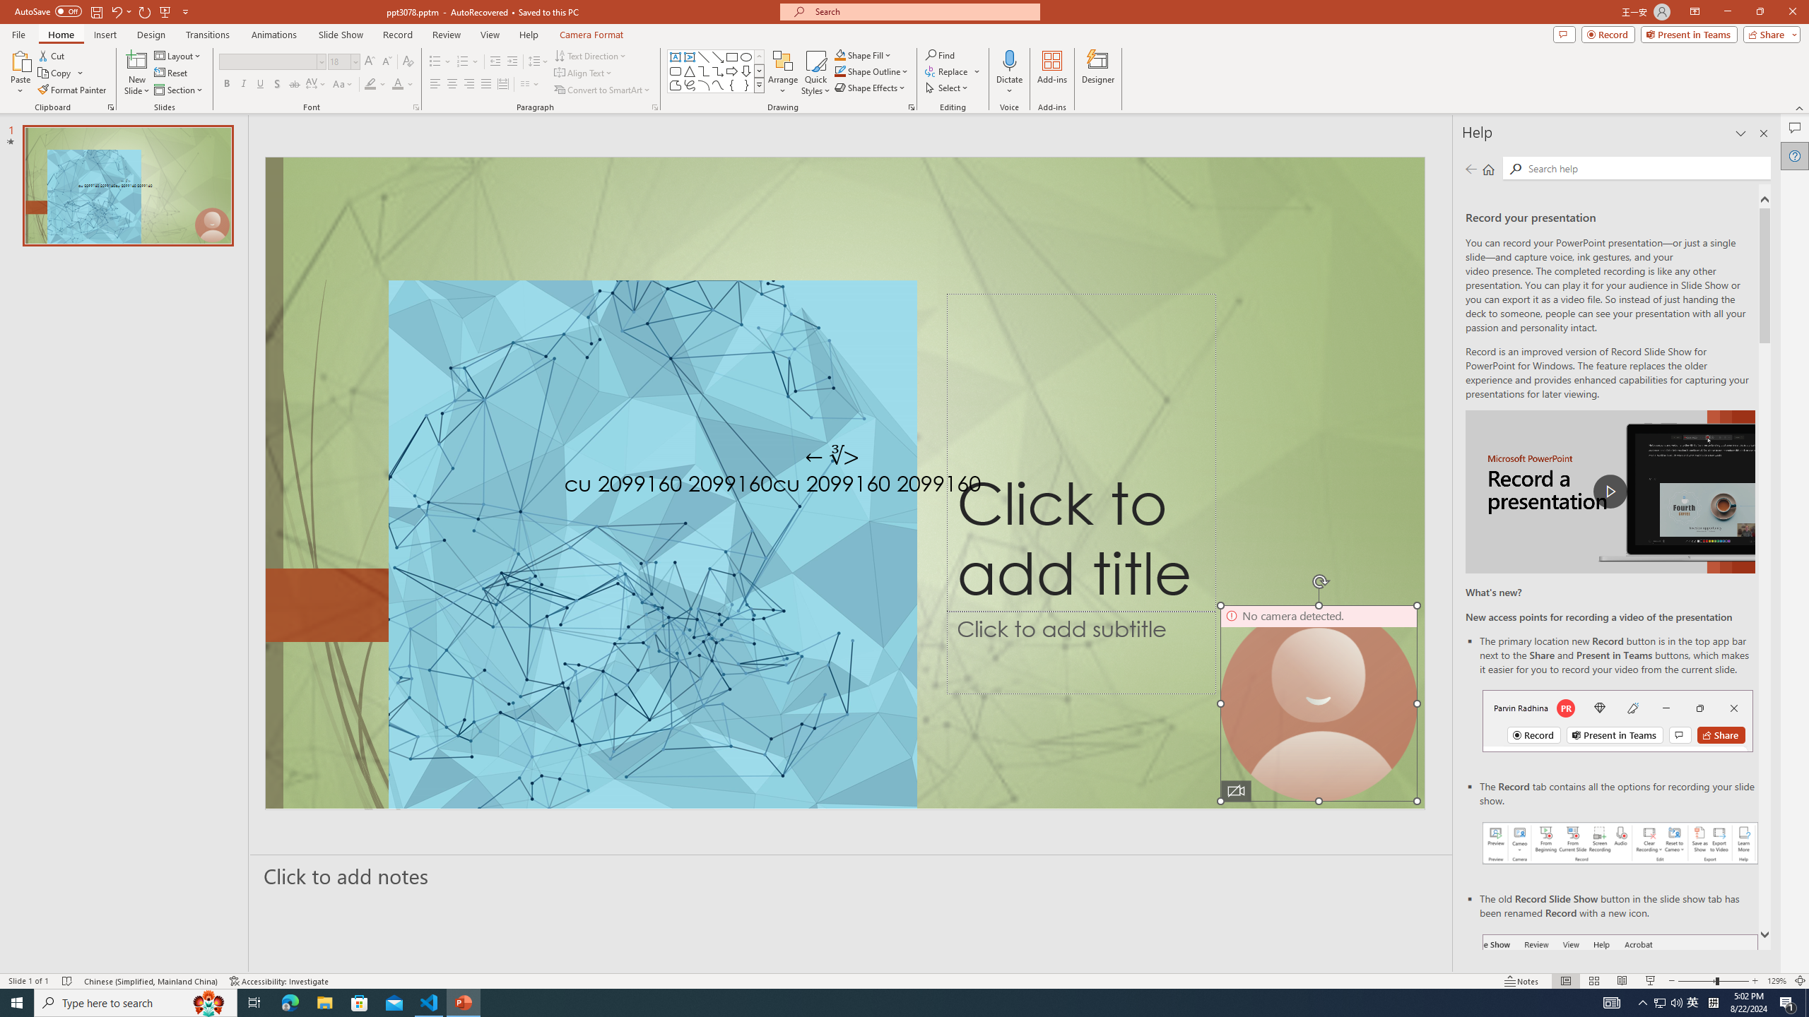  What do you see at coordinates (184, 11) in the screenshot?
I see `'Customize Quick Access Toolbar'` at bounding box center [184, 11].